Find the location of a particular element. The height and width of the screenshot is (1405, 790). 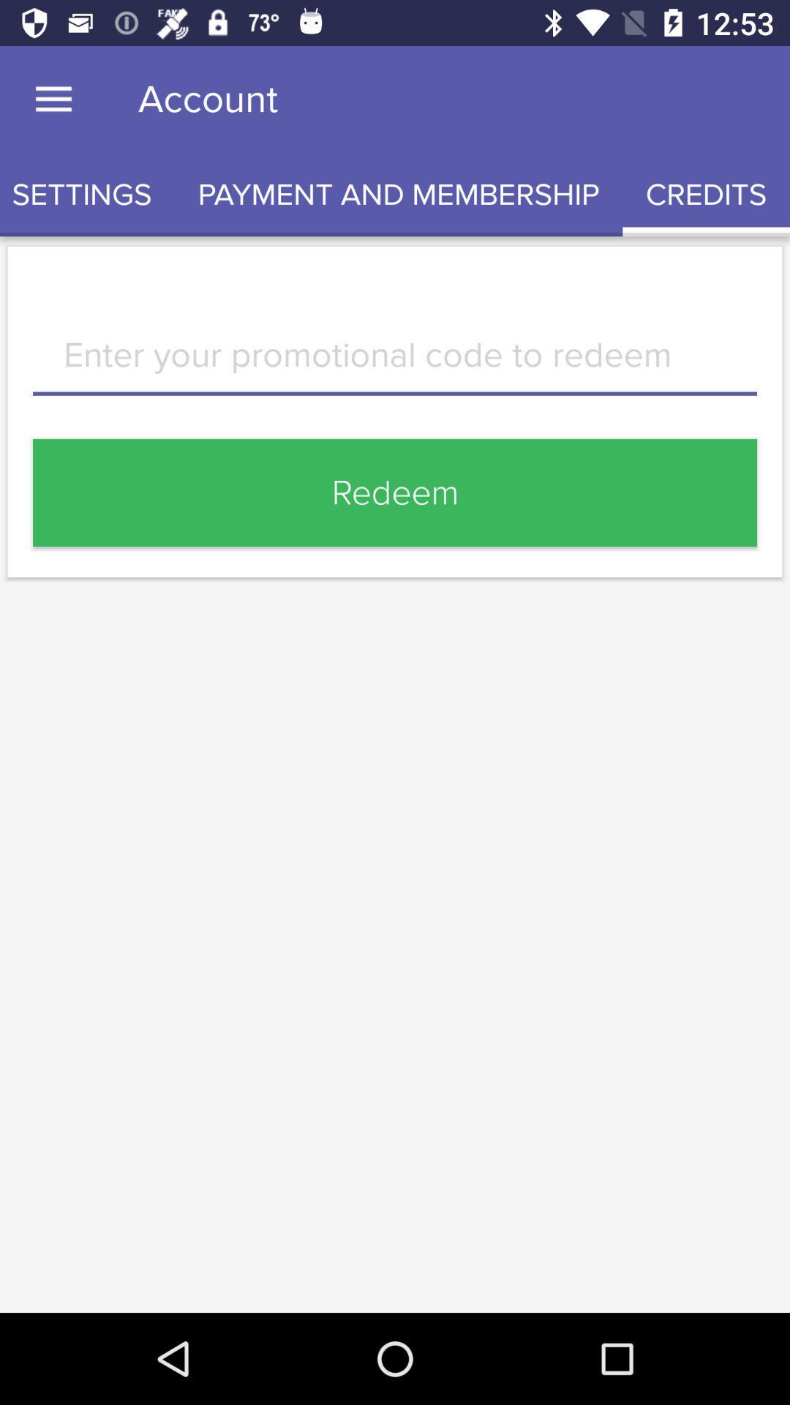

icon above settings item is located at coordinates (53, 99).